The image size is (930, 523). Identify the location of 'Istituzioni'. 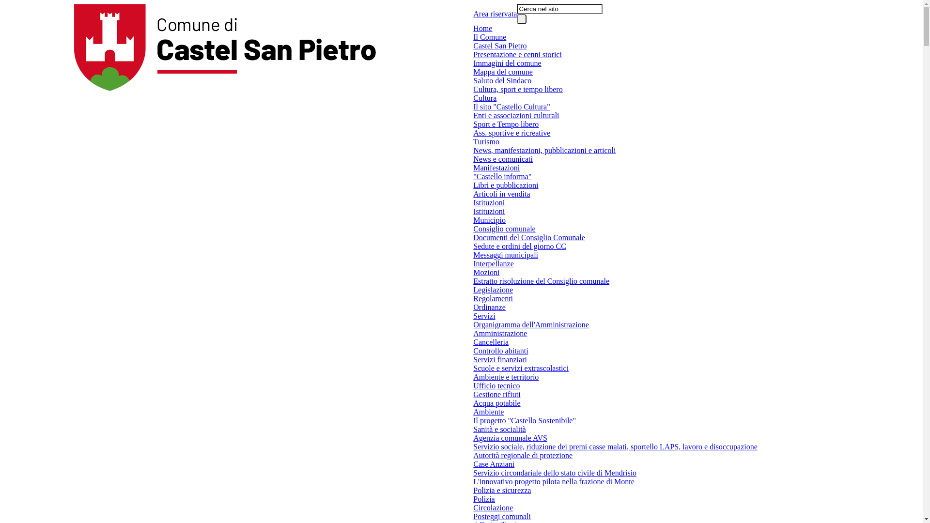
(489, 211).